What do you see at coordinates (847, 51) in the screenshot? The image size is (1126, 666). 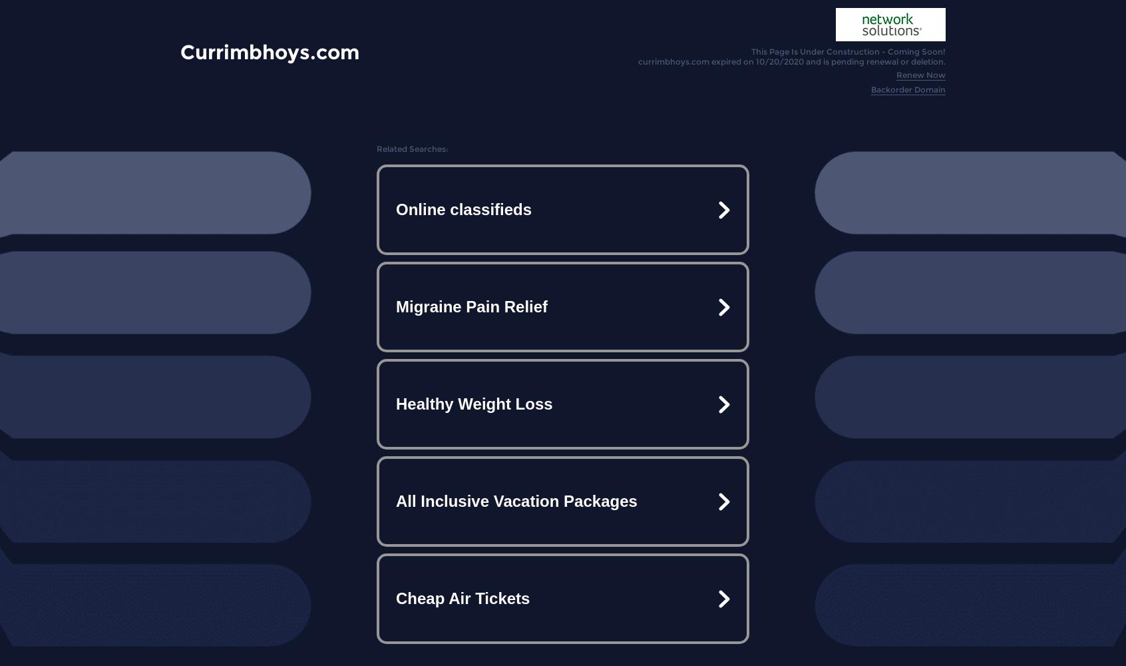 I see `'This Page Is Under Construction - Coming Soon!'` at bounding box center [847, 51].